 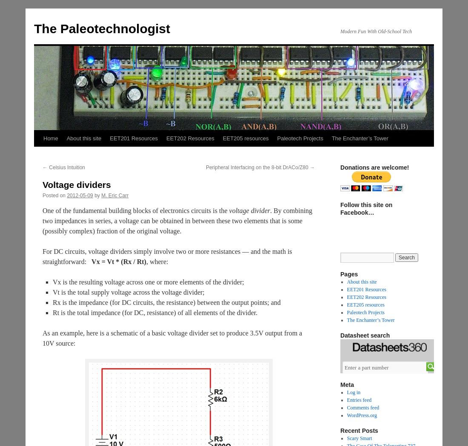 I want to click on 'EET202 Resources', so click(x=365, y=297).